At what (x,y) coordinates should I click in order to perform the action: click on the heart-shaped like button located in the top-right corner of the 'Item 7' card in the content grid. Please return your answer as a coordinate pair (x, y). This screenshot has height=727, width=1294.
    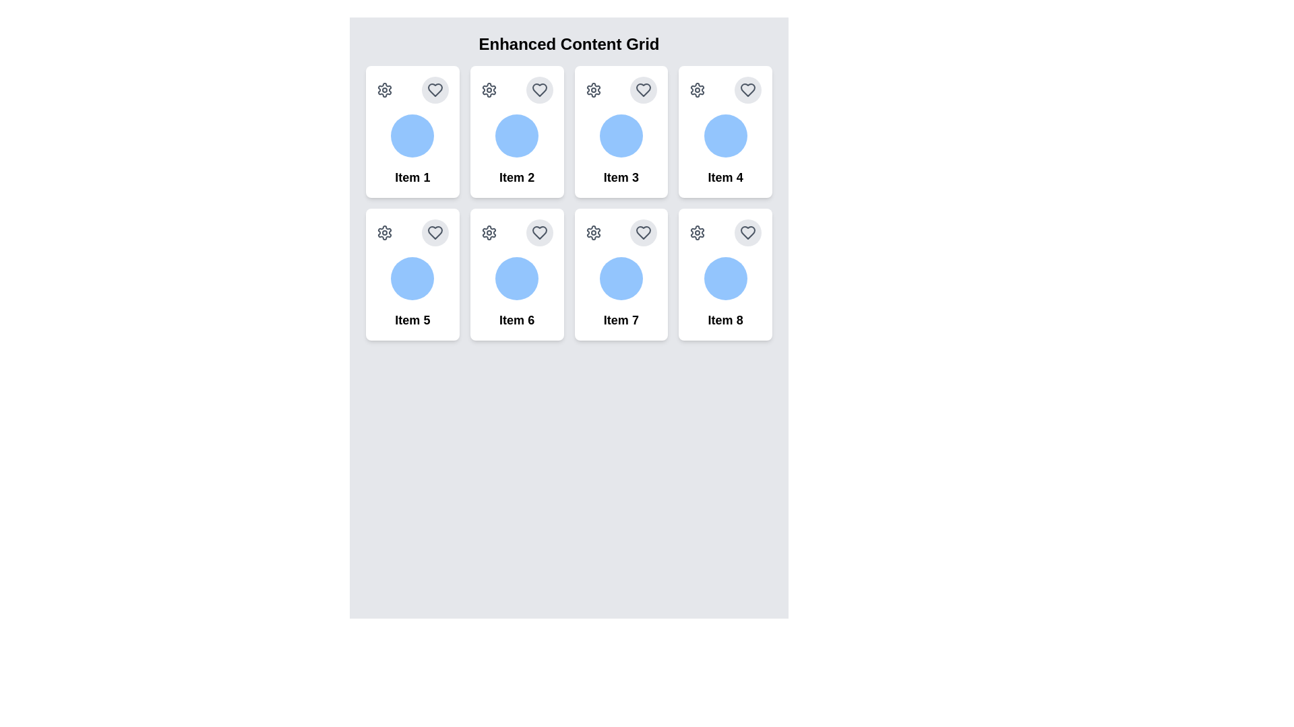
    Looking at the image, I should click on (643, 232).